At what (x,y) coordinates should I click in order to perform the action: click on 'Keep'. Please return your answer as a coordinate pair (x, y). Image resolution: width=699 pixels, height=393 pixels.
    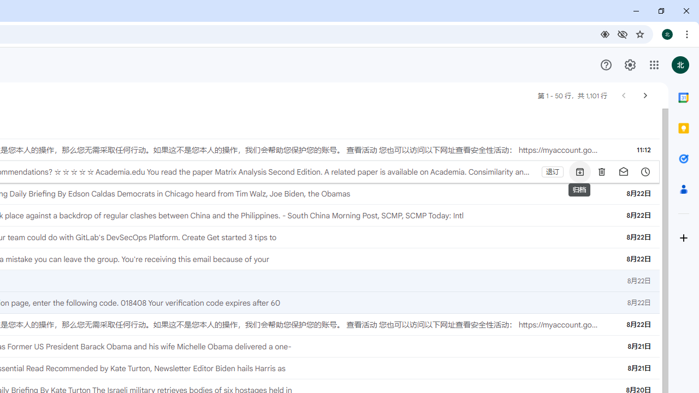
    Looking at the image, I should click on (683, 128).